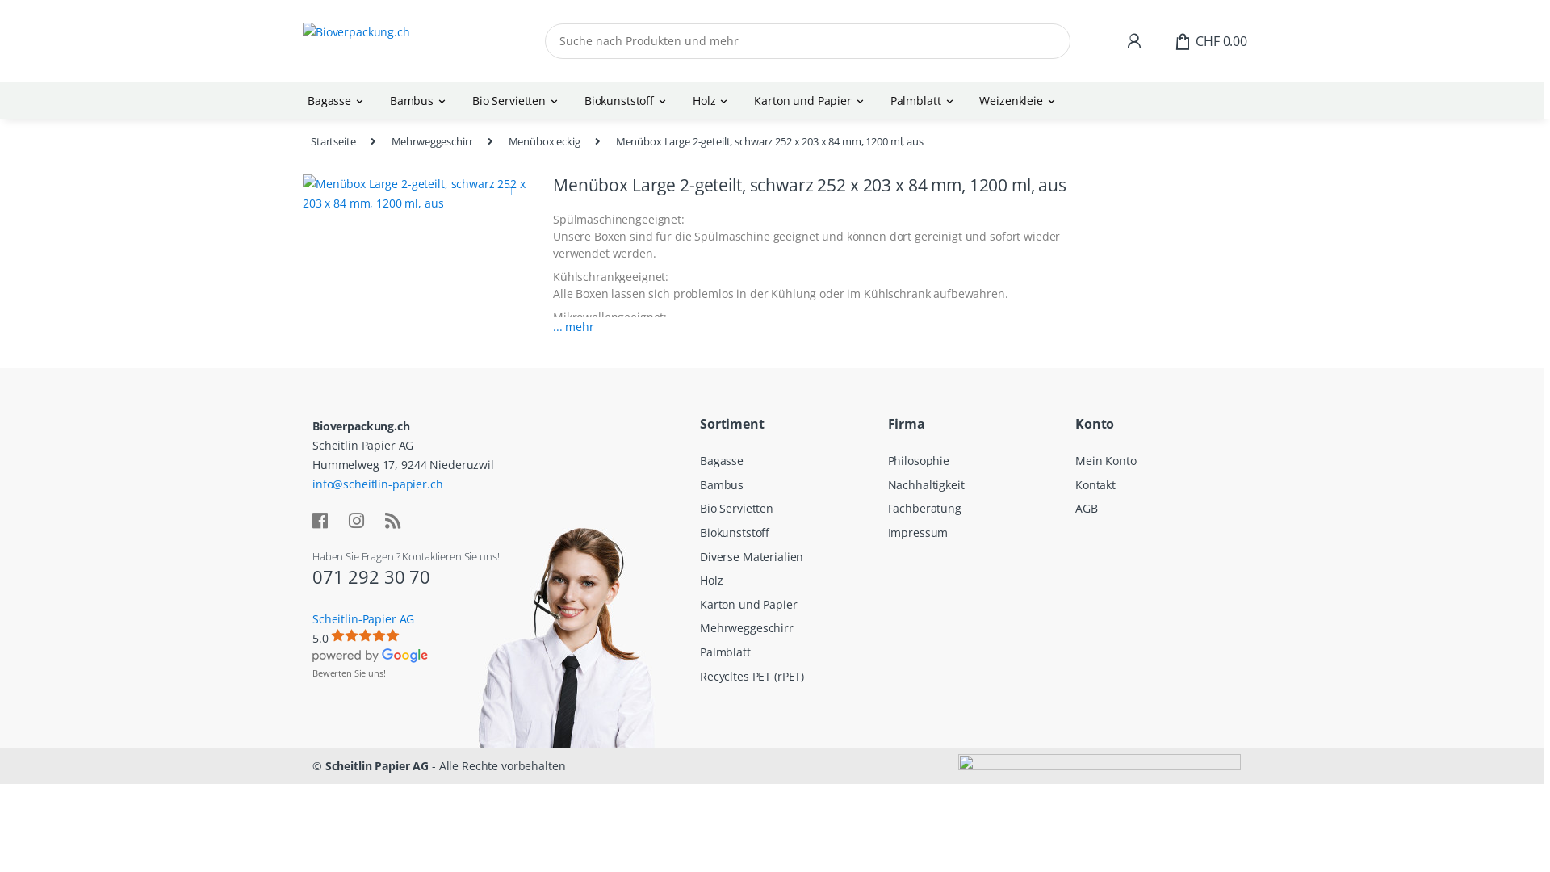 This screenshot has width=1550, height=872. What do you see at coordinates (918, 460) in the screenshot?
I see `'Philosophie'` at bounding box center [918, 460].